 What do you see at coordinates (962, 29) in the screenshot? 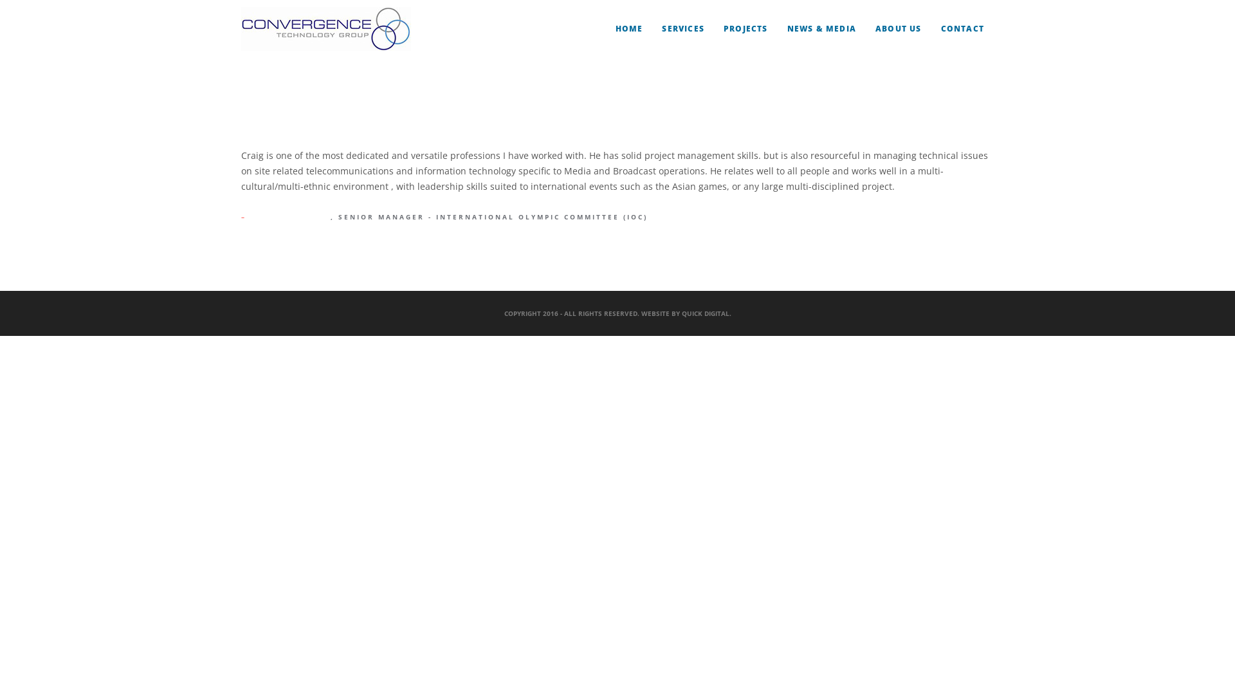
I see `'CONTACT'` at bounding box center [962, 29].